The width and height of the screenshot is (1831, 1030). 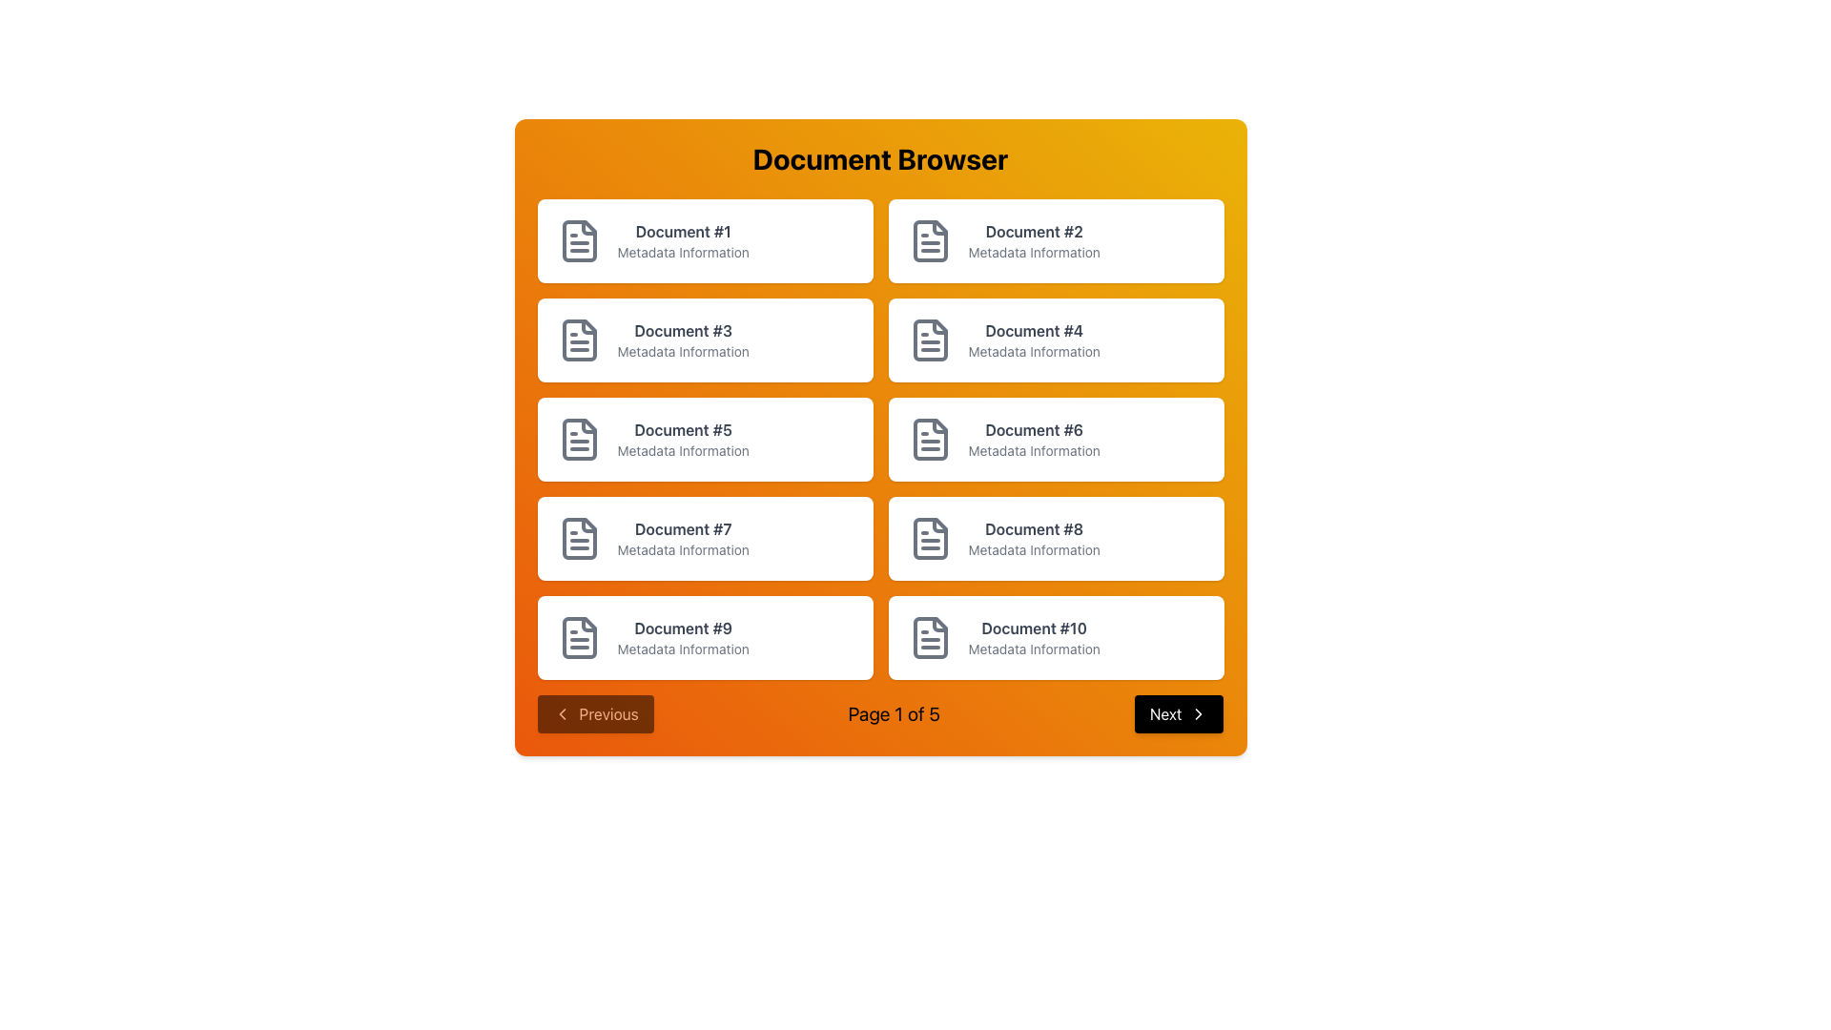 What do you see at coordinates (683, 231) in the screenshot?
I see `the information from the text label 'Document #1'` at bounding box center [683, 231].